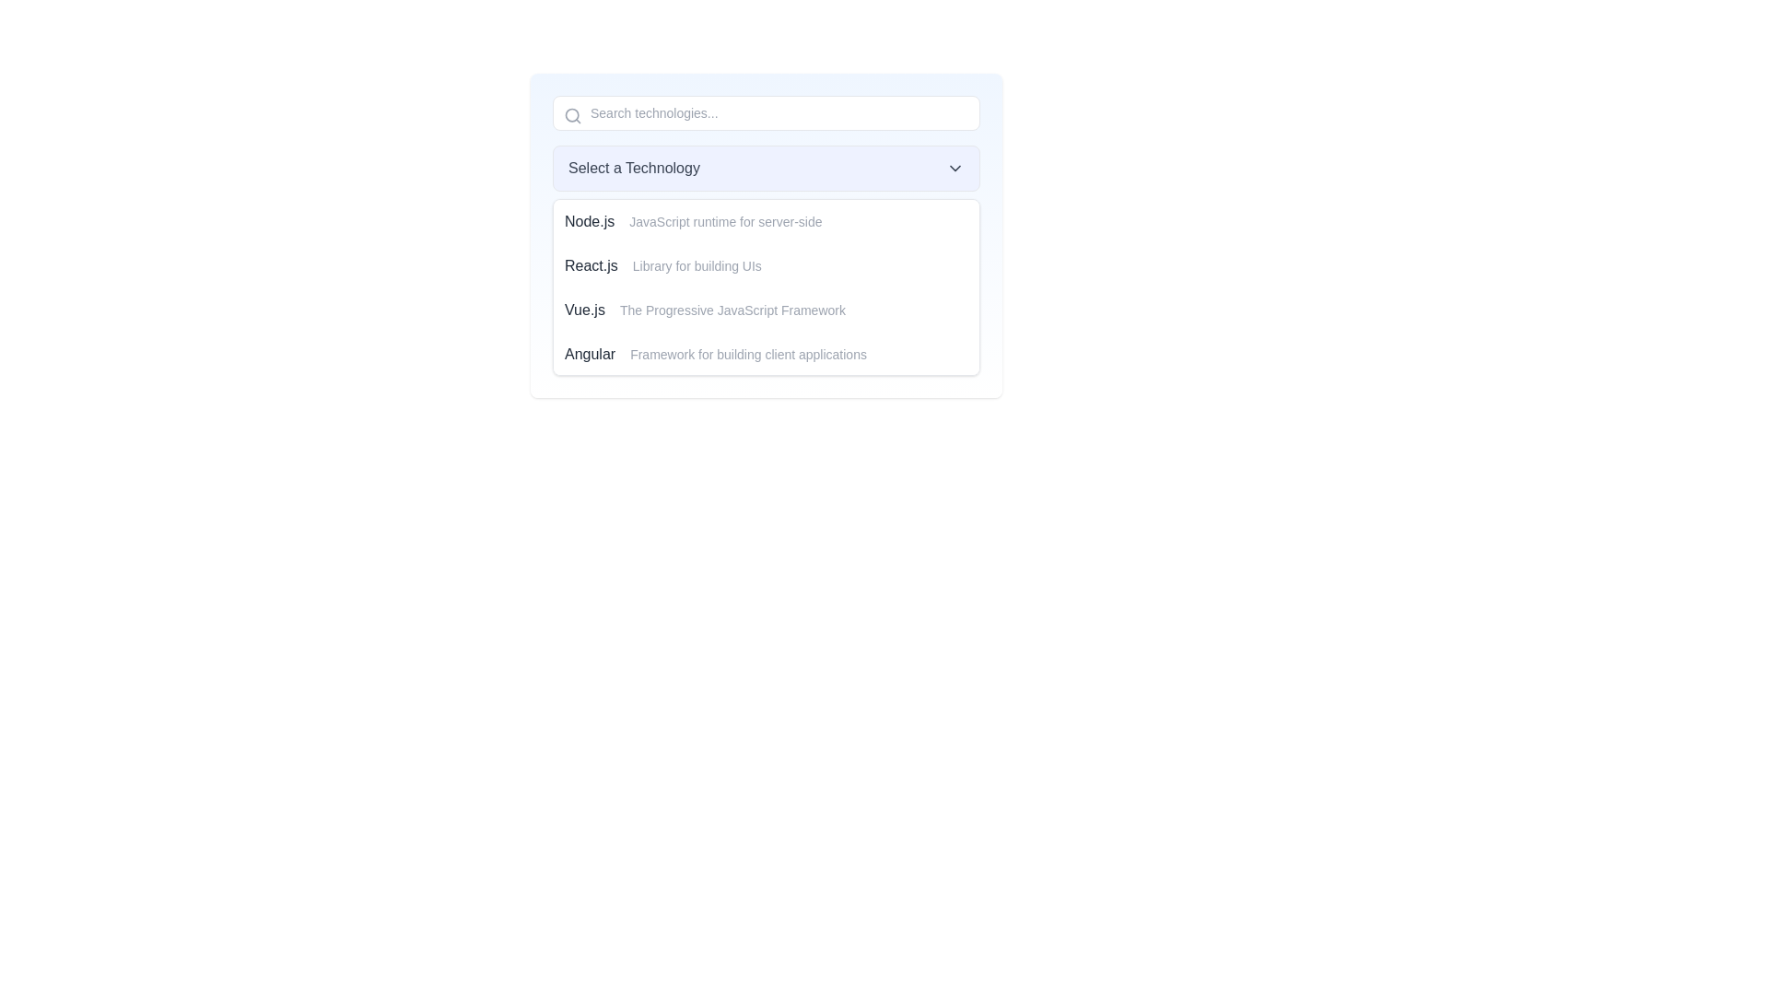 This screenshot has width=1769, height=995. I want to click on the first item in the dropdown list that allows users to select 'Node.js', so click(766, 220).